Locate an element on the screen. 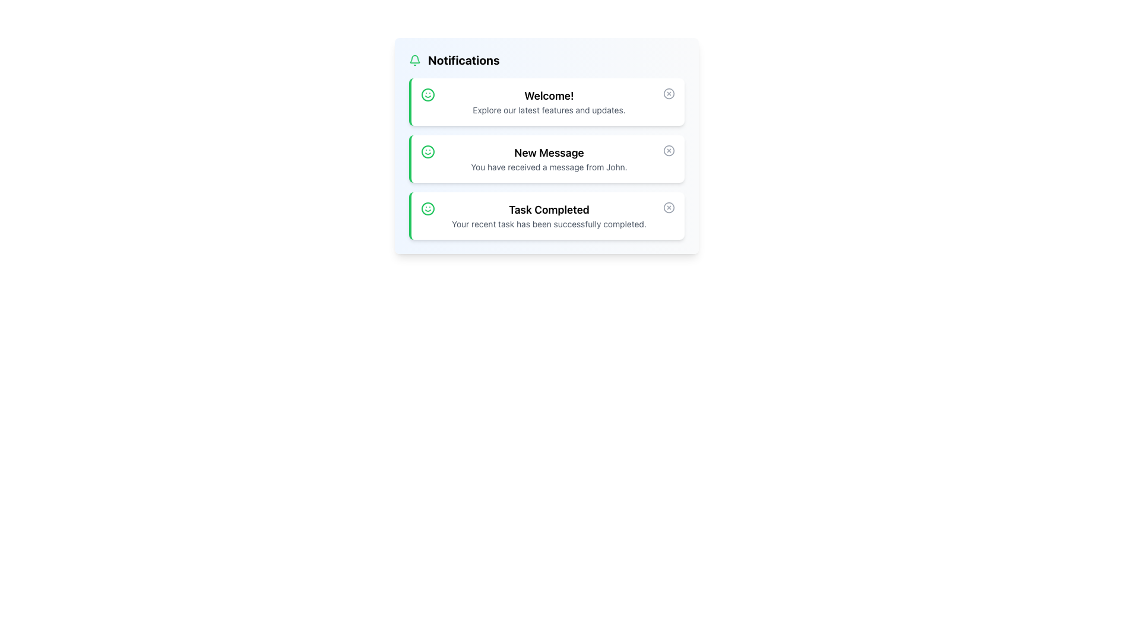 This screenshot has height=641, width=1140. the positive status icon located in the top-left corner of the first notification panel, which contains the heading 'Welcome!' and description 'Explore our latest features and updates.' is located at coordinates (427, 94).